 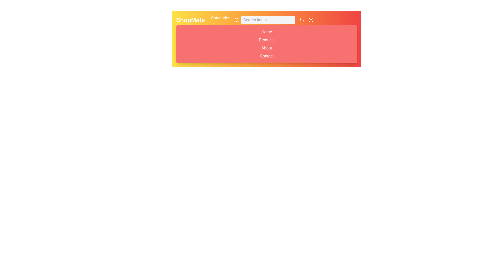 I want to click on the profile/account icon located at the top-right of the navigation bar, so click(x=311, y=20).